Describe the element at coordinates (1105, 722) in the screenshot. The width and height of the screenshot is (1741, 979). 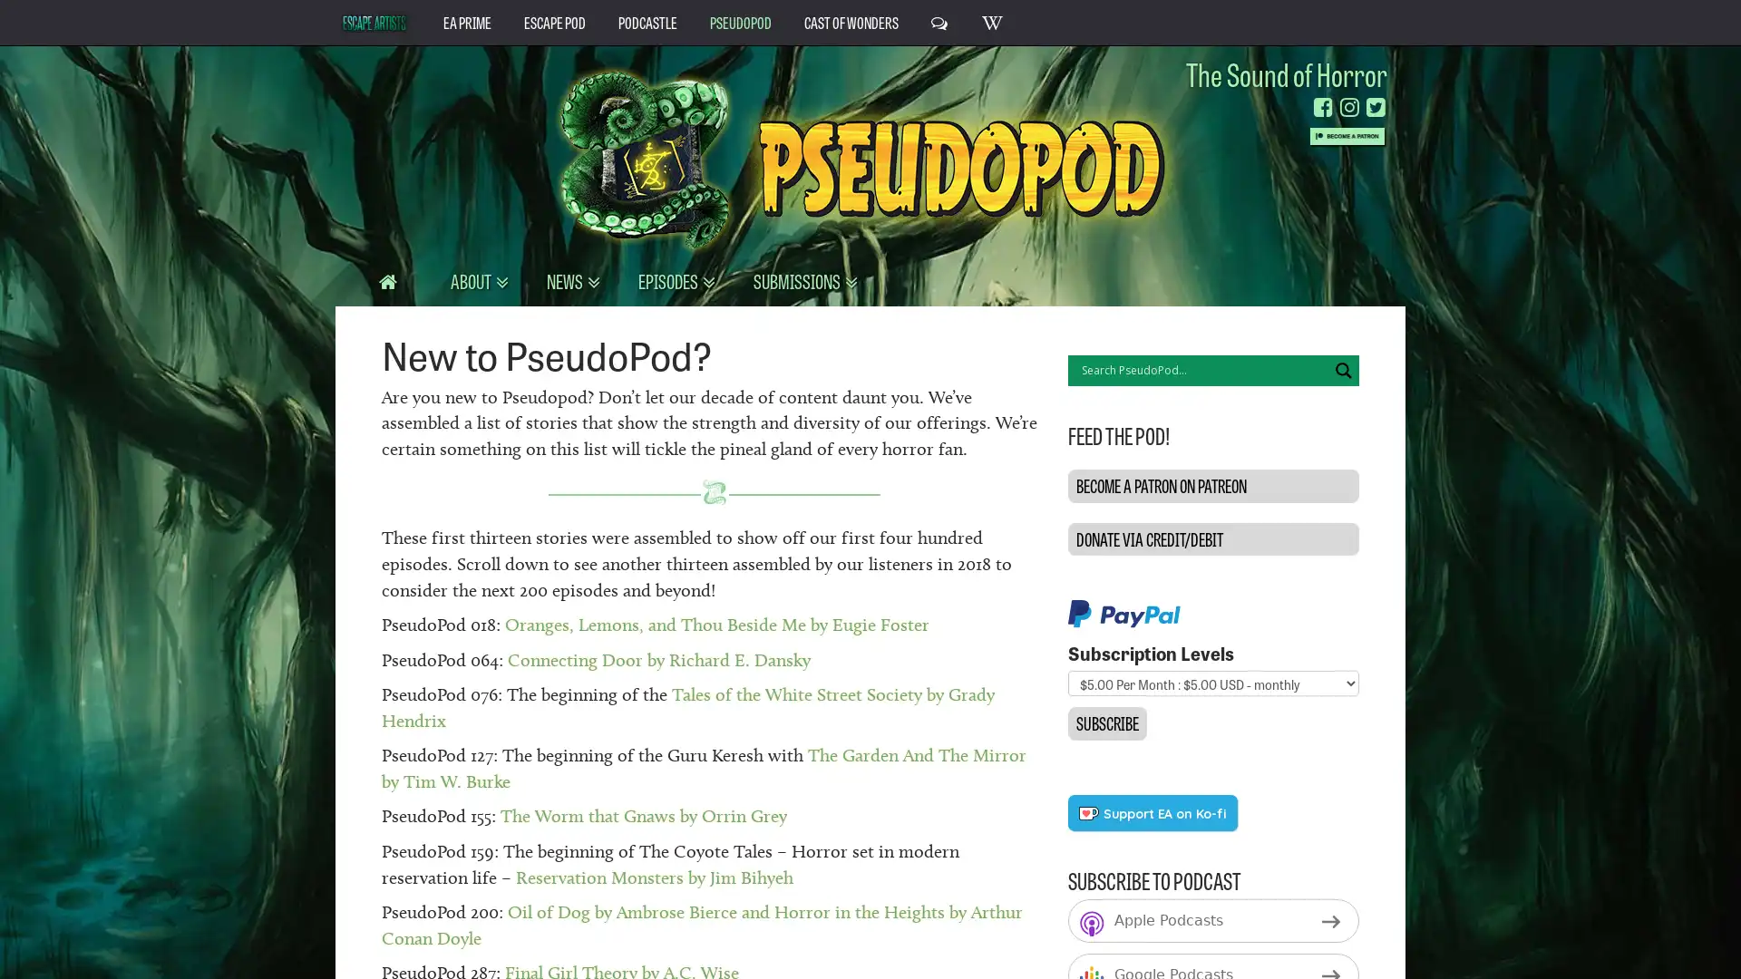
I see `Subscribe` at that location.